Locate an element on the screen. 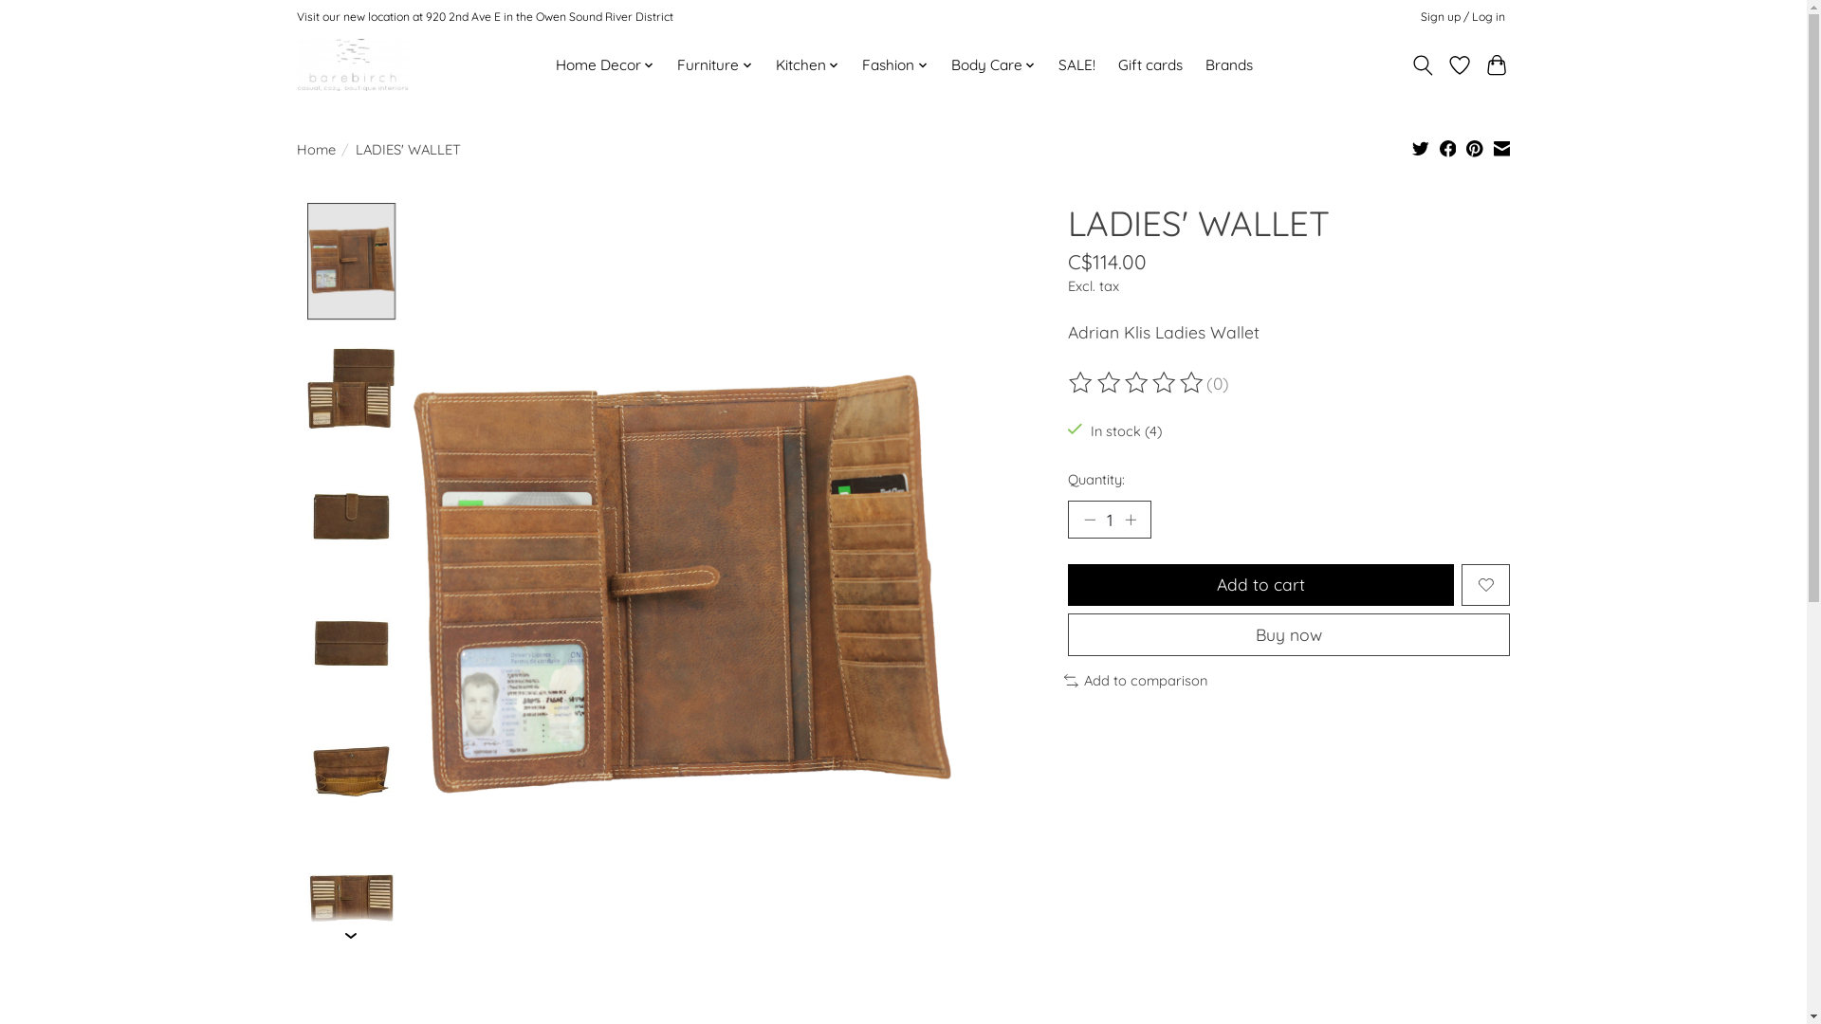  'Share on Facebook' is located at coordinates (1446, 149).